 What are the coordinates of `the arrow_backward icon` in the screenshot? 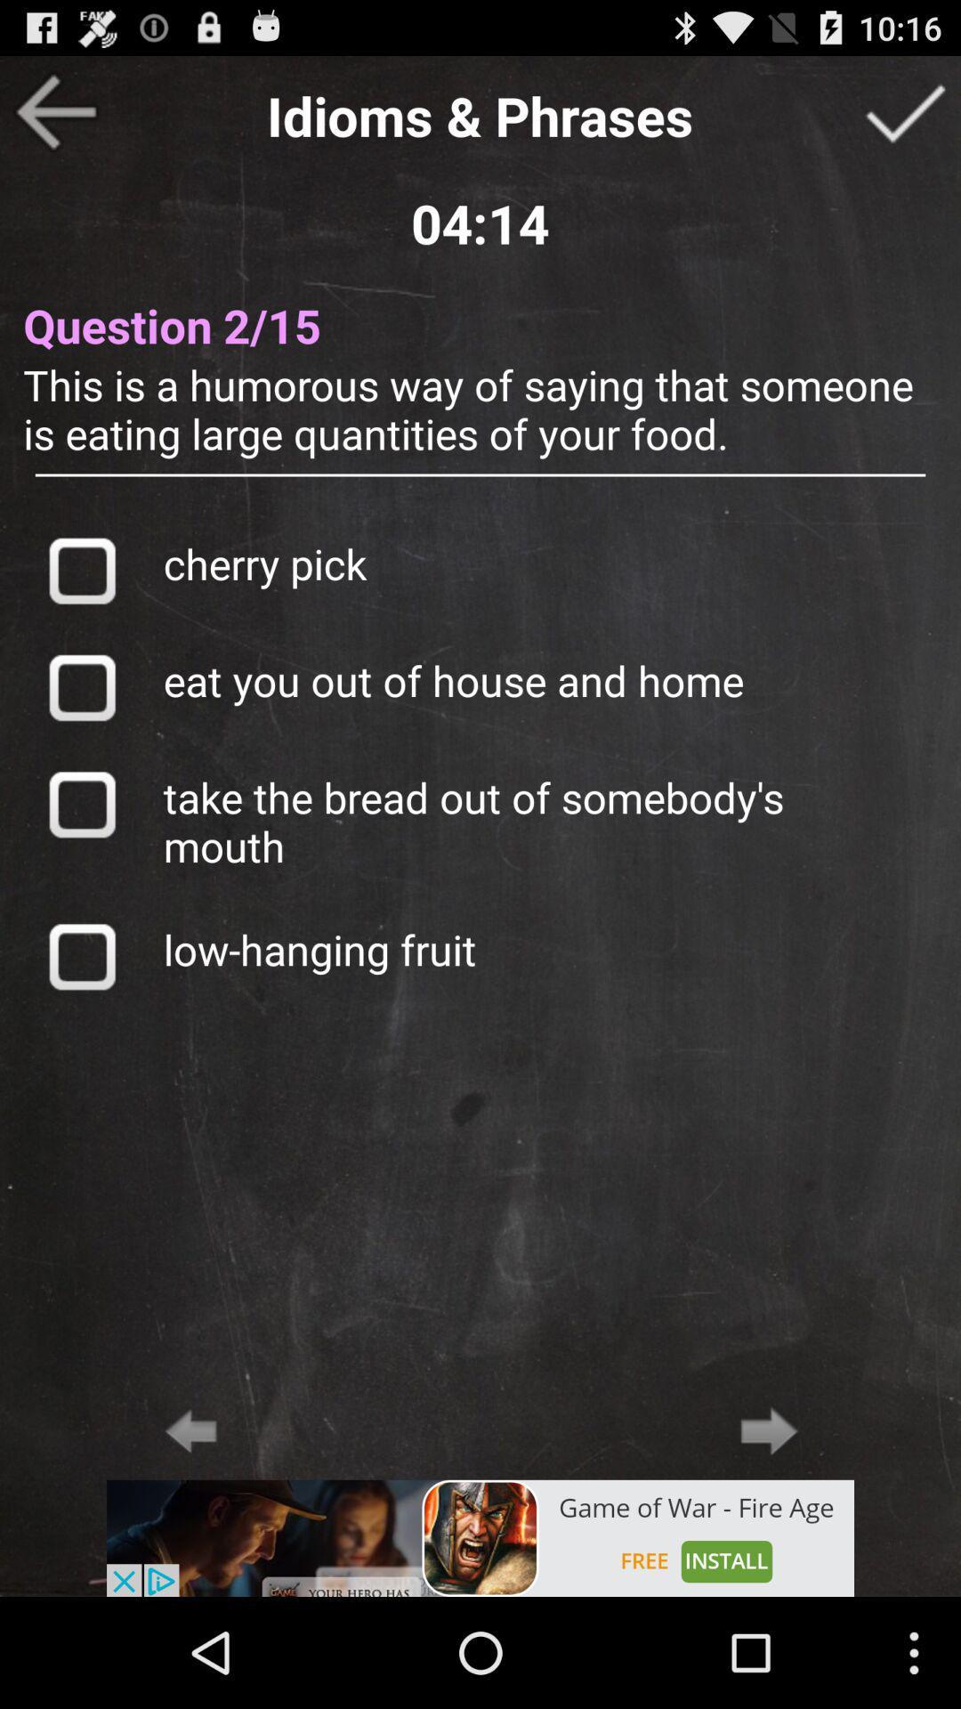 It's located at (54, 118).